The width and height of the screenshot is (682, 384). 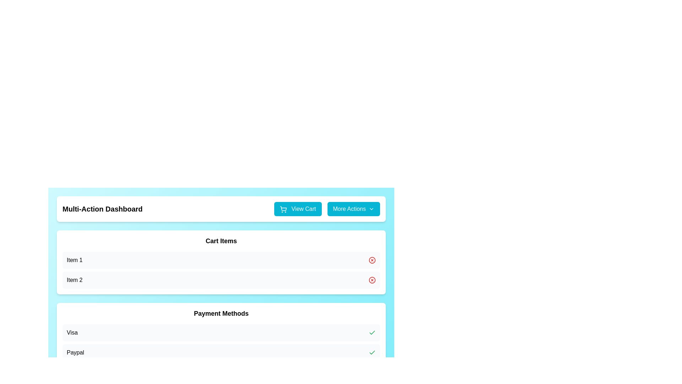 I want to click on on the shopping cart icon, which is located within the cyan button labeled 'View Cart' positioned at the top center of the interface, so click(x=283, y=208).